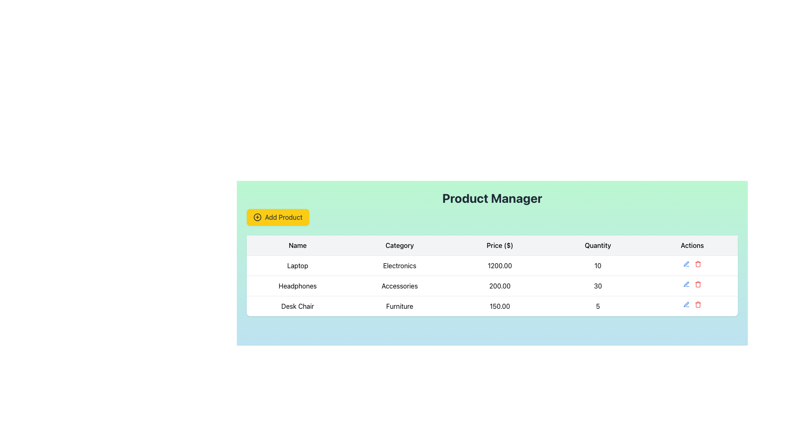 The width and height of the screenshot is (795, 447). I want to click on the text label that reads 'Furniture', which is located in the last row of the table under the 'Category' column, so click(400, 306).